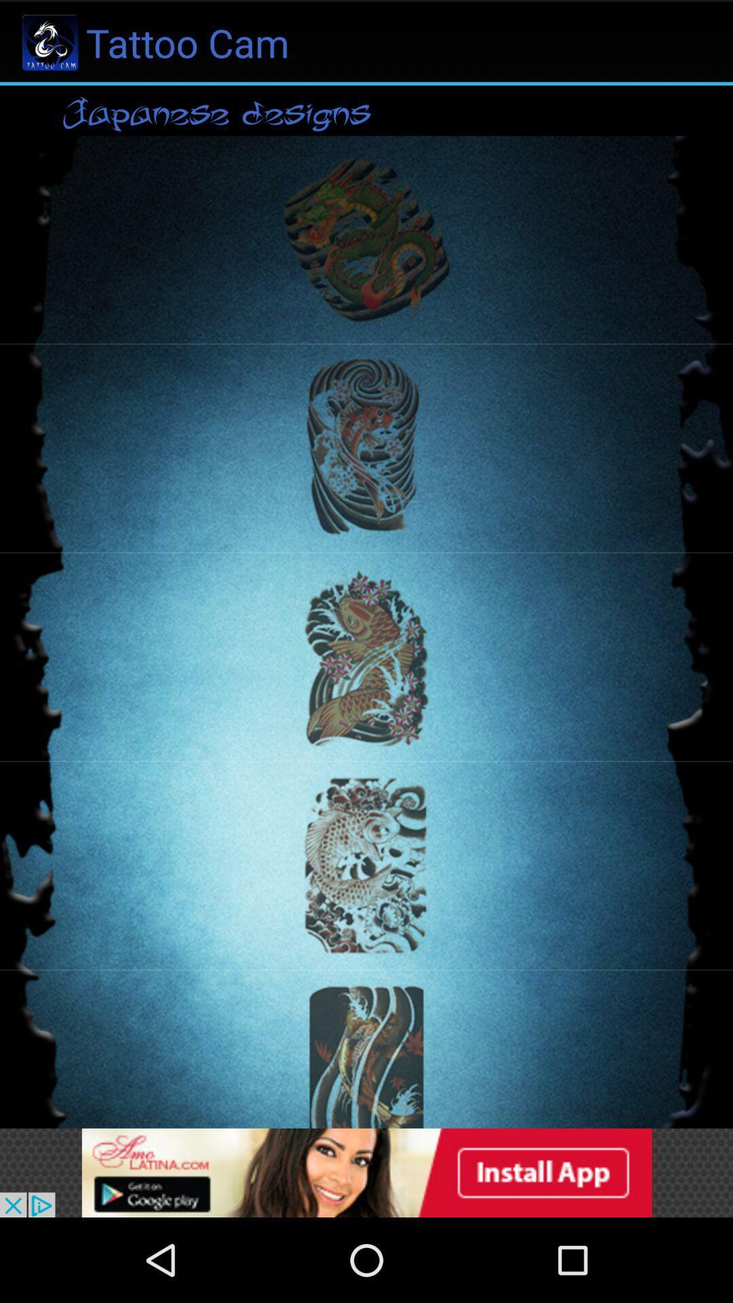 The height and width of the screenshot is (1303, 733). Describe the element at coordinates (366, 1172) in the screenshot. I see `advertise banner` at that location.